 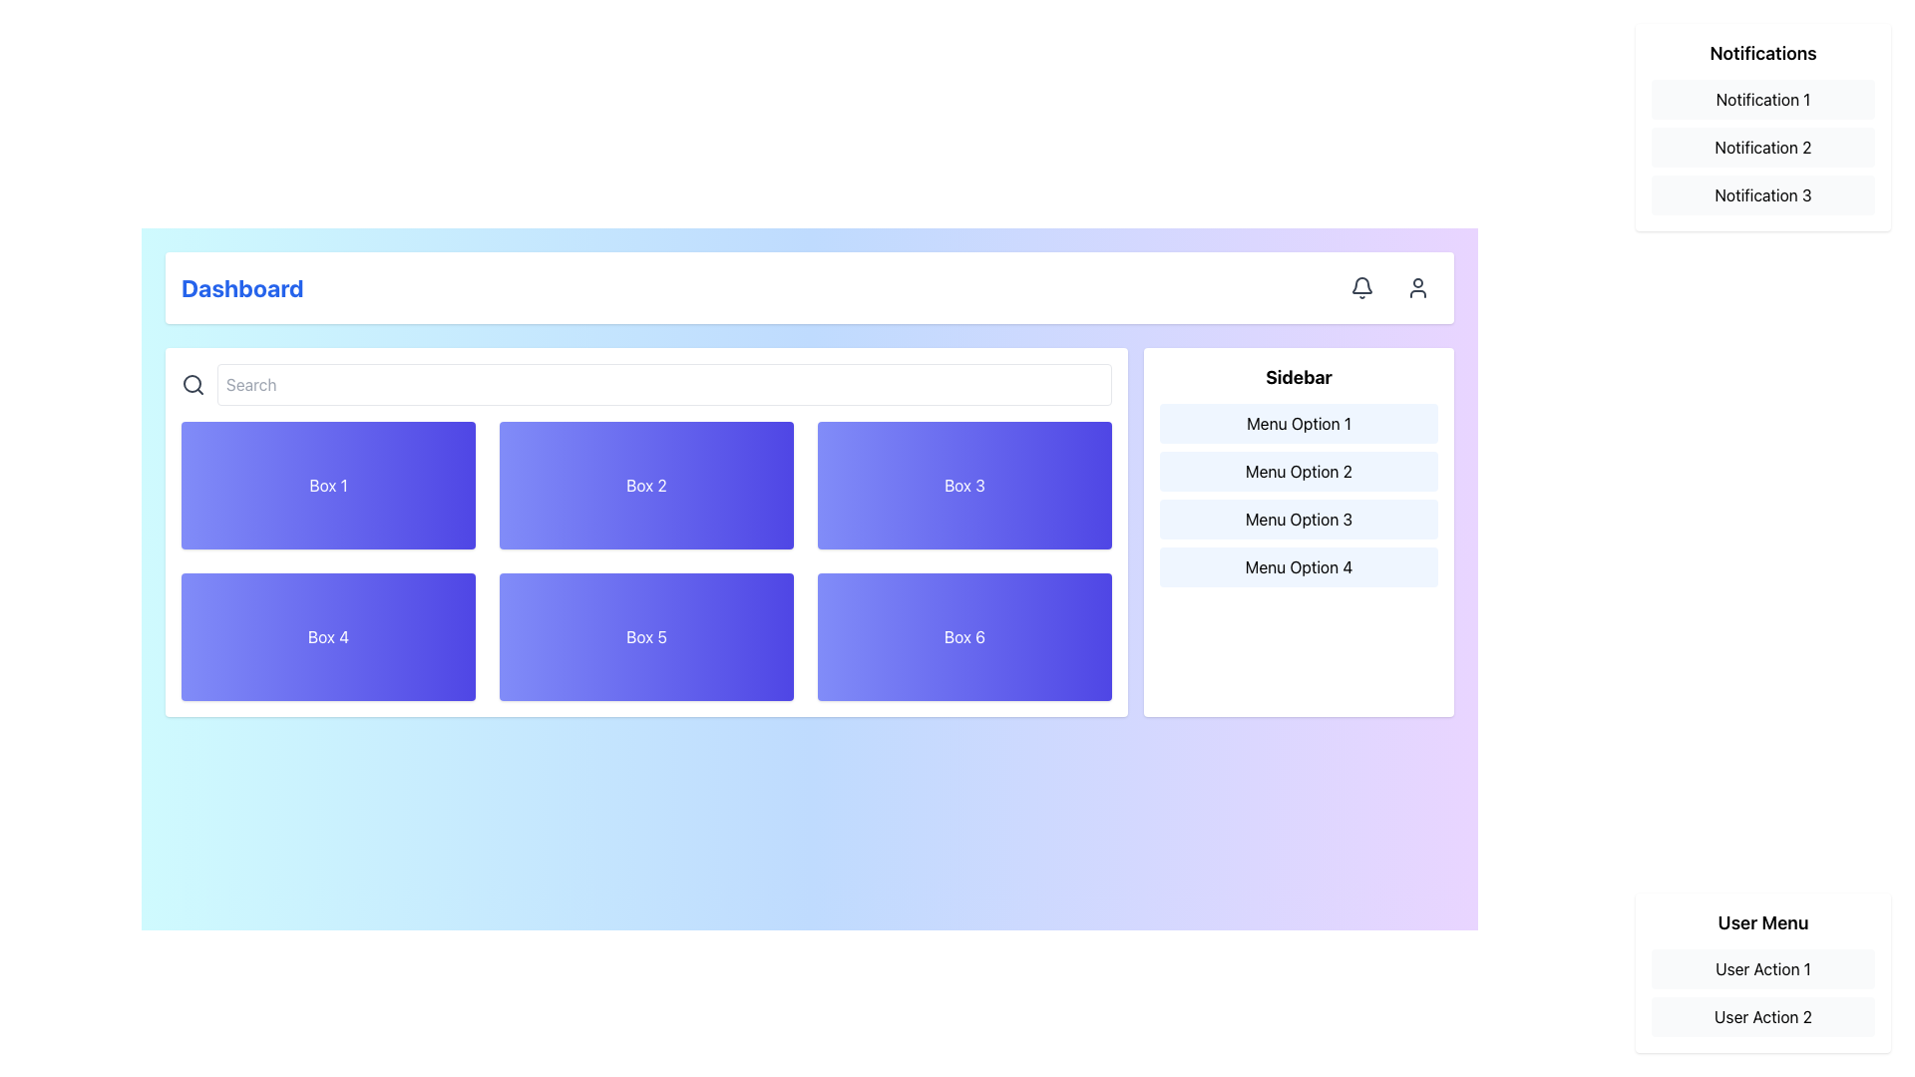 I want to click on the first menu item labeled 'User Action 1' with a light gray background and rounded corners under the 'User Menu', so click(x=1762, y=968).